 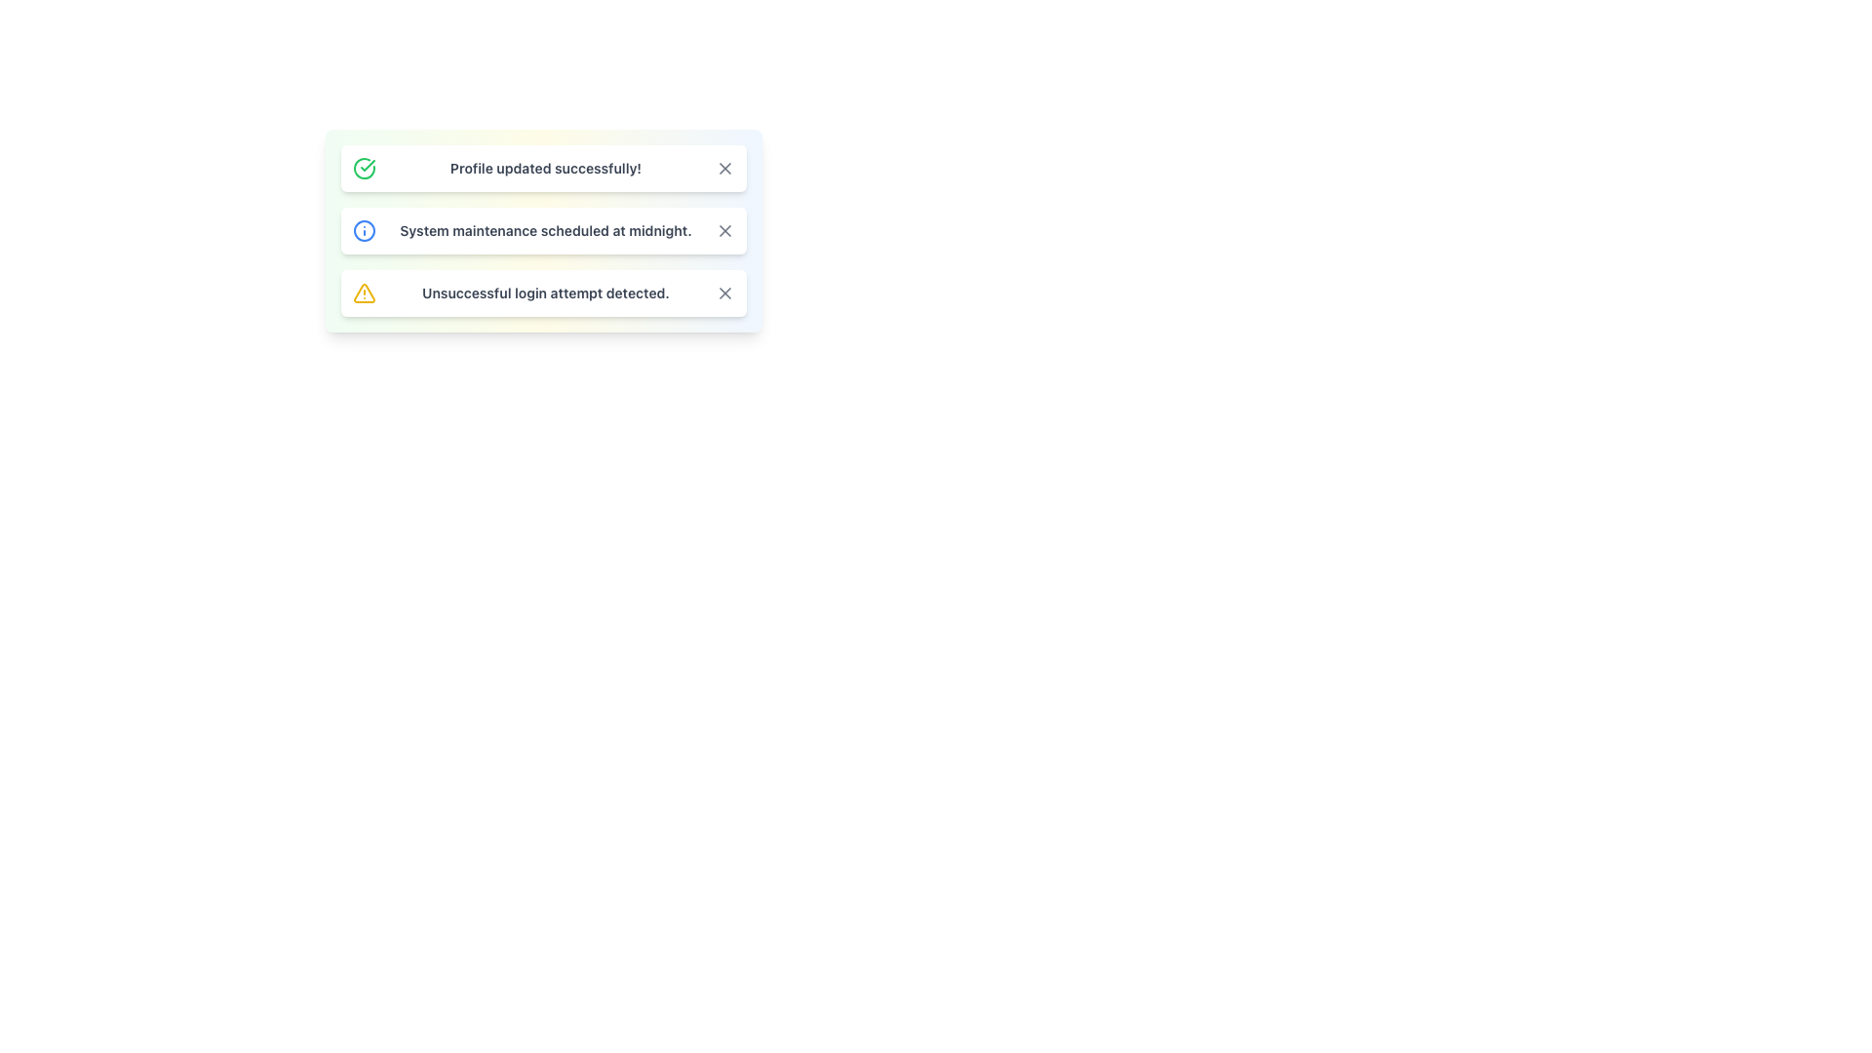 I want to click on the Notification card displaying the message 'System maintenance scheduled at midnight.' which is the middle notification in a vertically aligned list of three notifications, so click(x=543, y=261).